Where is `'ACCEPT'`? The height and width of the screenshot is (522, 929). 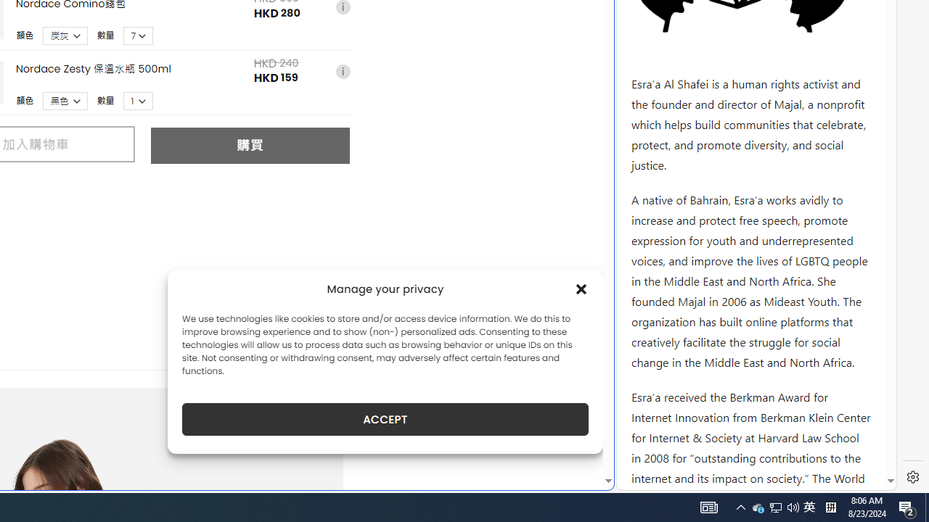
'ACCEPT' is located at coordinates (385, 419).